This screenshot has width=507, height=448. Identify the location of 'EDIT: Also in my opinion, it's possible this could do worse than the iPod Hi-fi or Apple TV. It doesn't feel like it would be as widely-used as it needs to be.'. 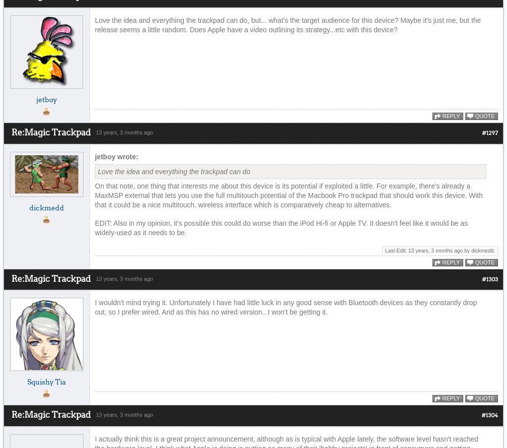
(94, 227).